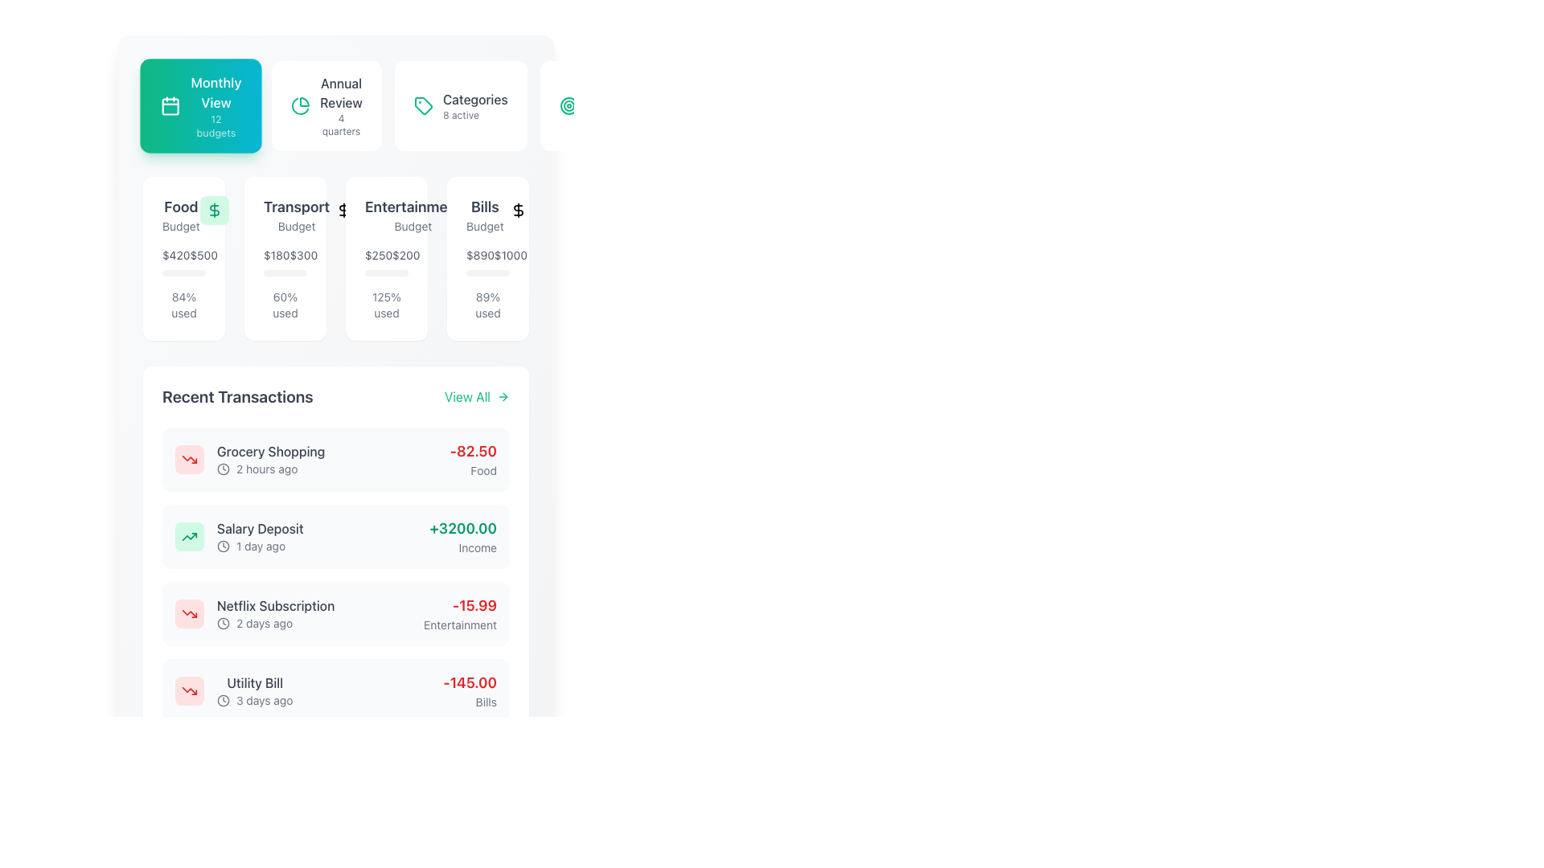 The height and width of the screenshot is (868, 1544). Describe the element at coordinates (189, 536) in the screenshot. I see `the upward trending graph icon with a greenish hue located in the center of the 'Recent Transactions' section` at that location.